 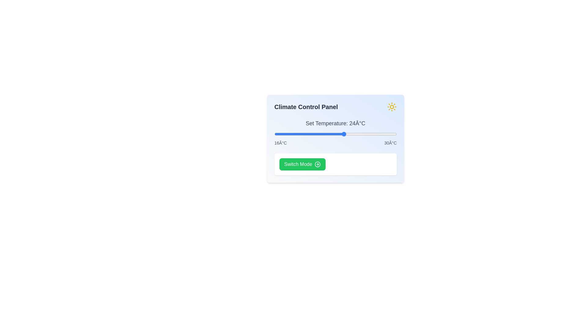 I want to click on the header 'Climate Control Panel' with the sun icon to trigger tooltip or highlight effects, so click(x=335, y=107).